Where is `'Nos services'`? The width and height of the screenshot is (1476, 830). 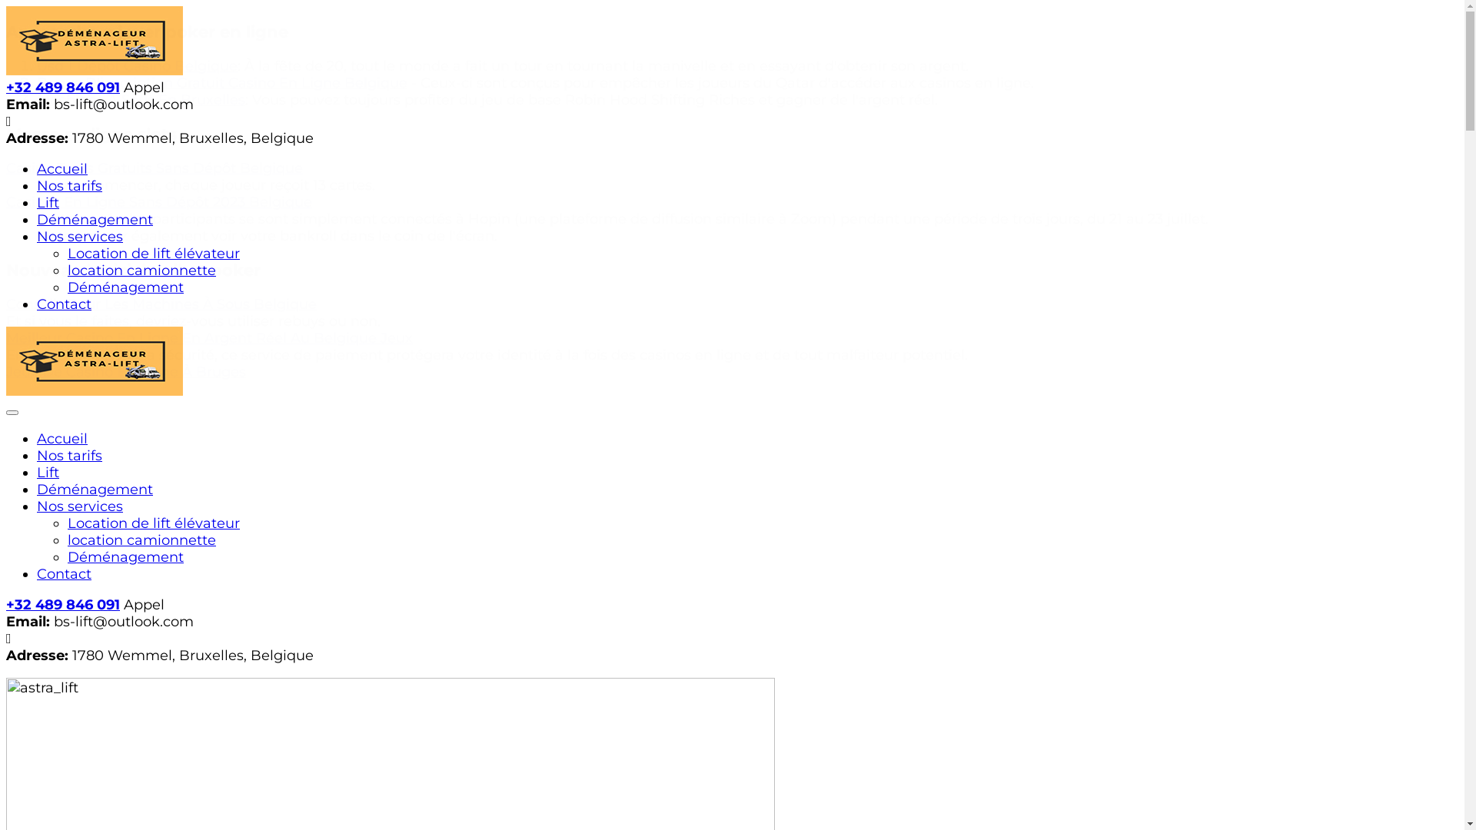
'Nos services' is located at coordinates (79, 237).